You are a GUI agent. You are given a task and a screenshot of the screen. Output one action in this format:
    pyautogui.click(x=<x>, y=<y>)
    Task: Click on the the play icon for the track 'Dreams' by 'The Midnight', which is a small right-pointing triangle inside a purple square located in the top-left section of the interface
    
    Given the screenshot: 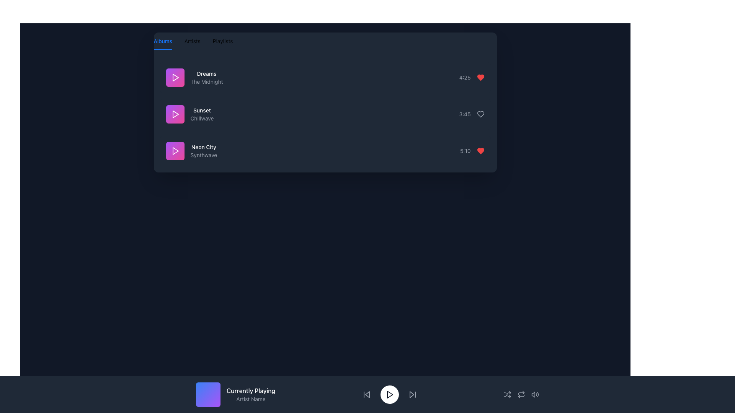 What is the action you would take?
    pyautogui.click(x=175, y=78)
    